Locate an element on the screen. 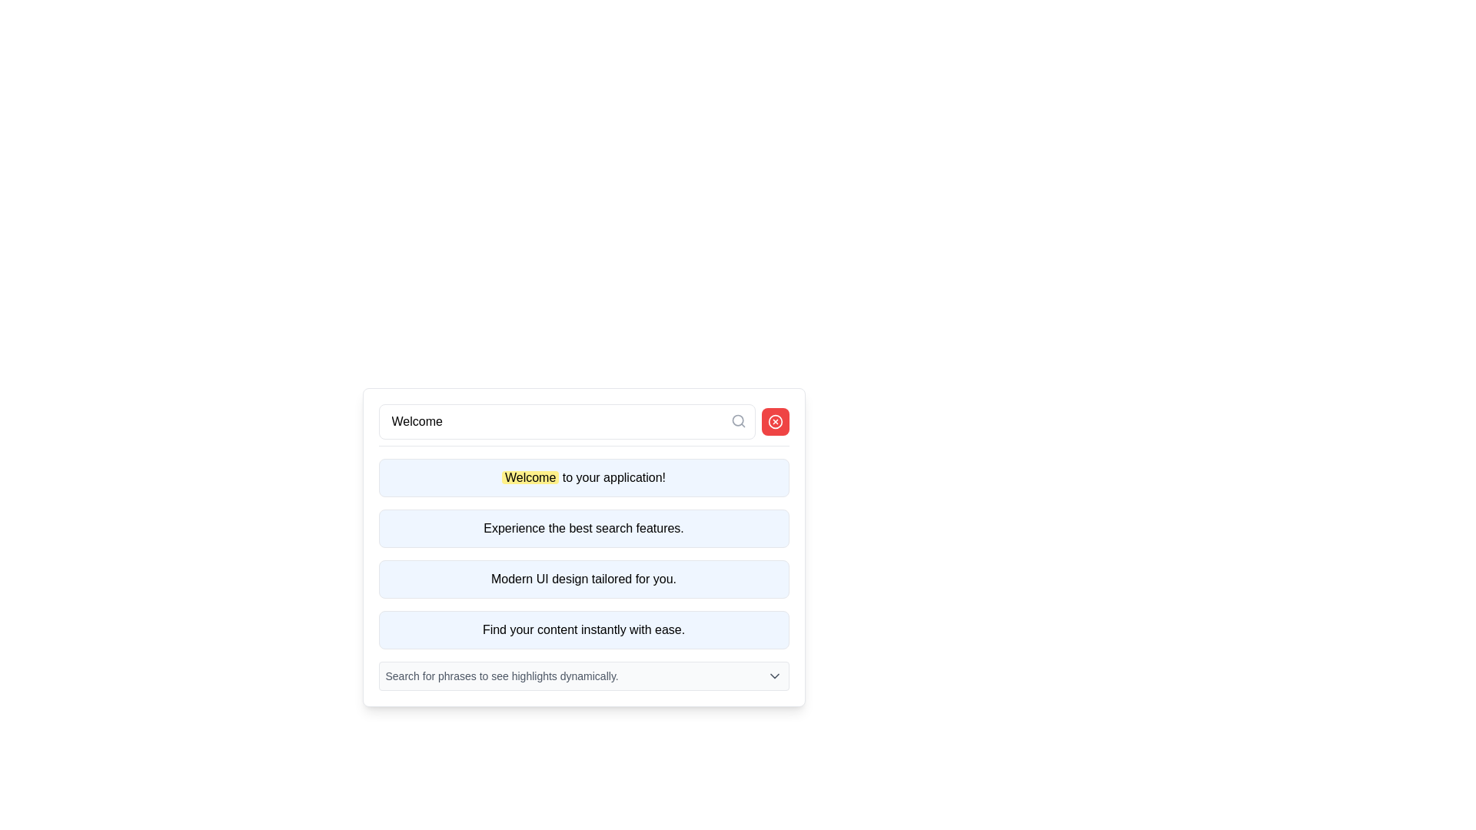  the small circular red icon with an 'X' symbol inside, located on the top right corner of the visible search bar is located at coordinates (775, 421).